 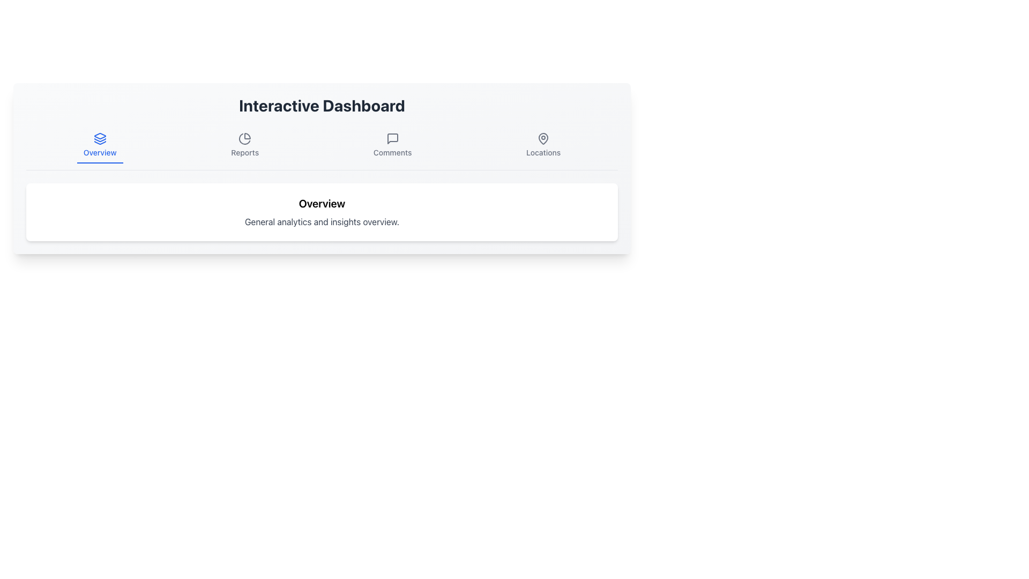 What do you see at coordinates (392, 138) in the screenshot?
I see `the 'Comments' icon located in the top-central area of the interface, above the label 'Comments'` at bounding box center [392, 138].